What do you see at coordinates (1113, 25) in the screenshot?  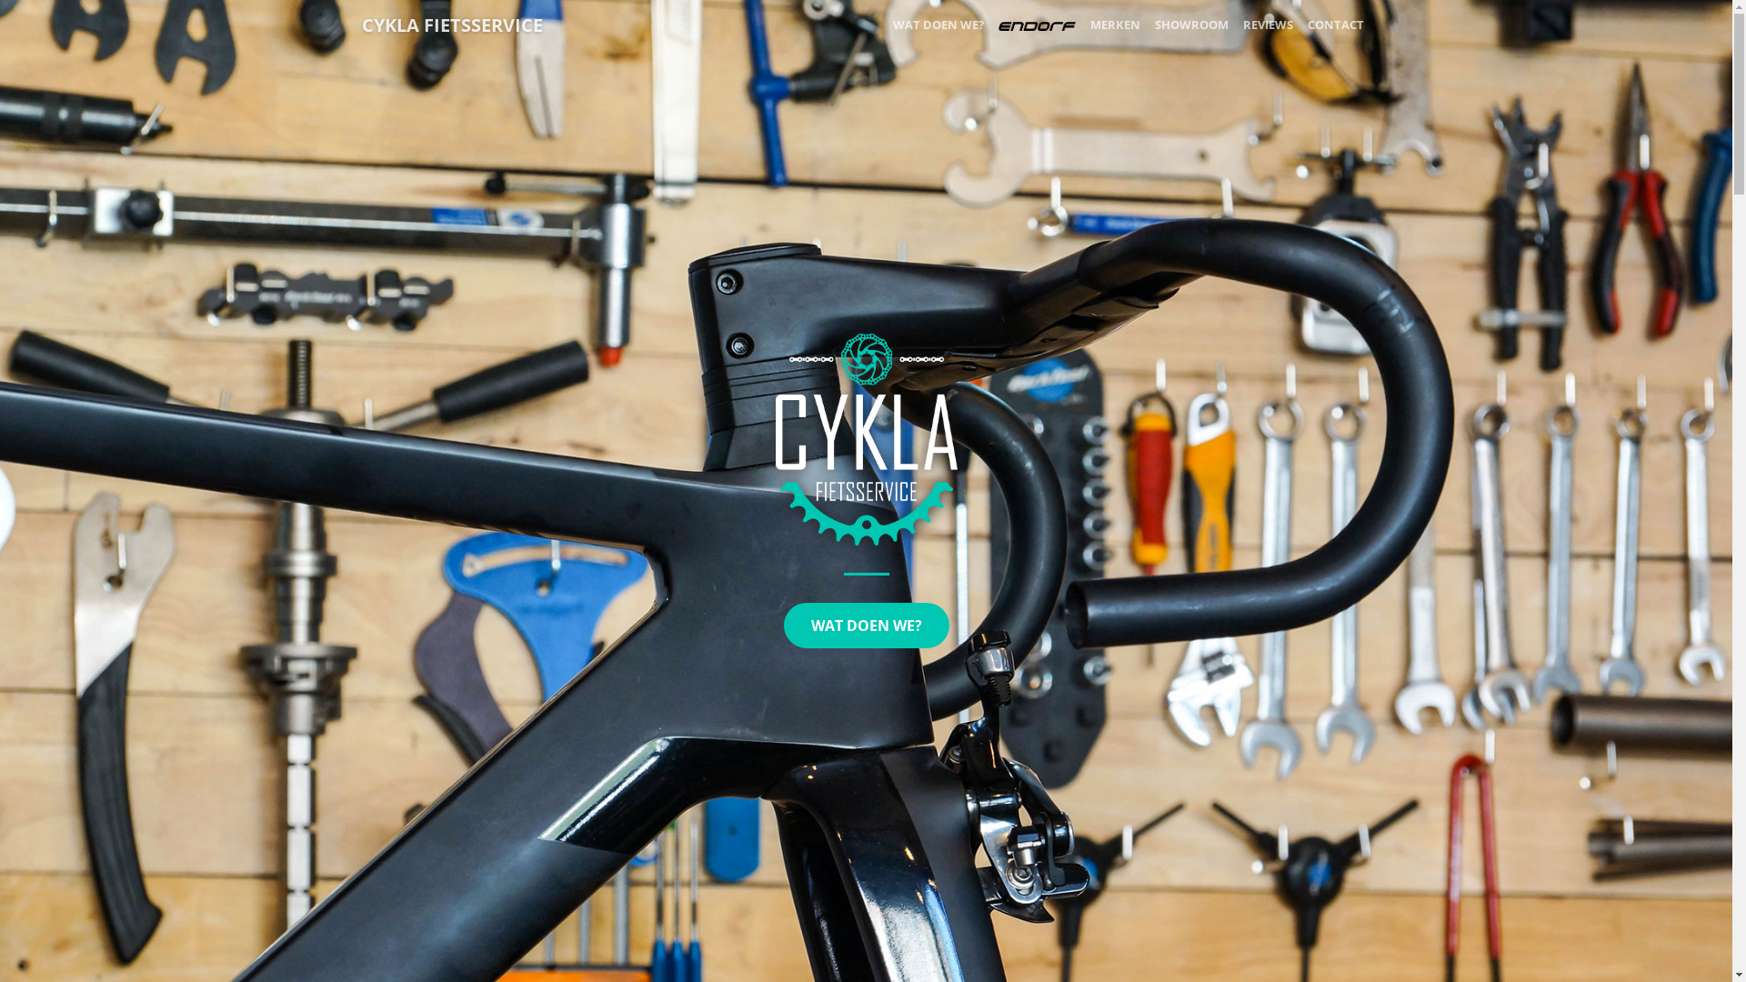 I see `'MERKEN'` at bounding box center [1113, 25].